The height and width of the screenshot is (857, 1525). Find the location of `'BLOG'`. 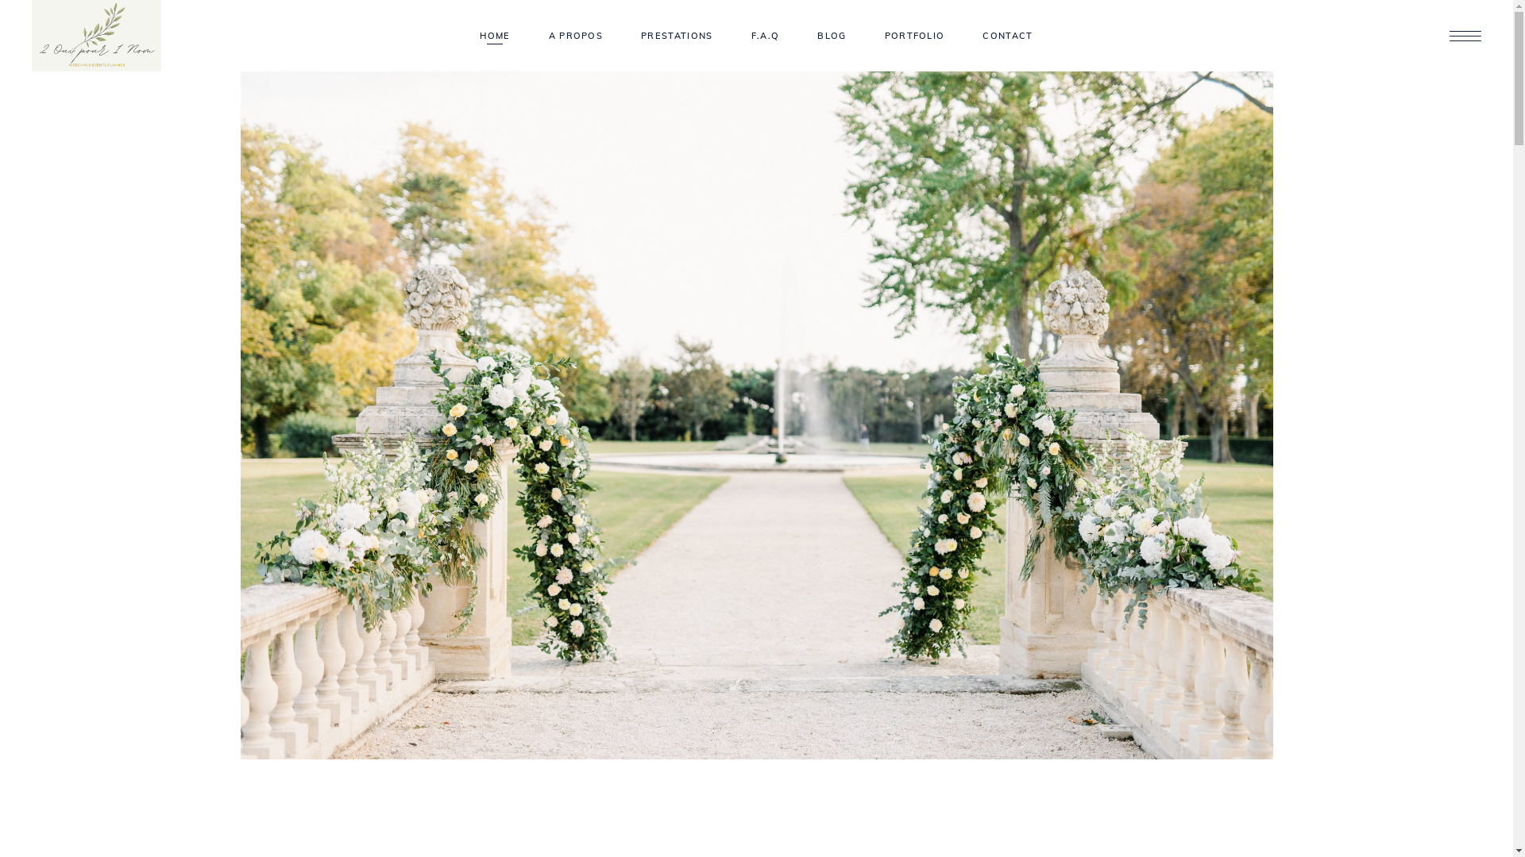

'BLOG' is located at coordinates (830, 36).